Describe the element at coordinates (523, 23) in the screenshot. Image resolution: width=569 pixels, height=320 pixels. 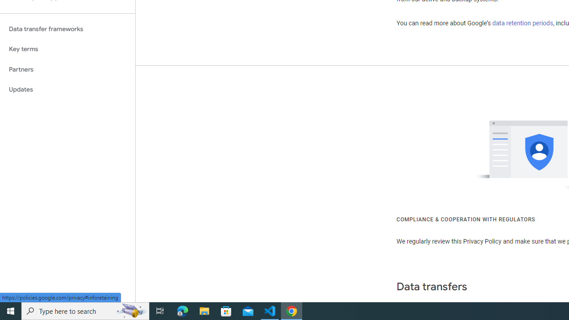
I see `'data retention periods'` at that location.